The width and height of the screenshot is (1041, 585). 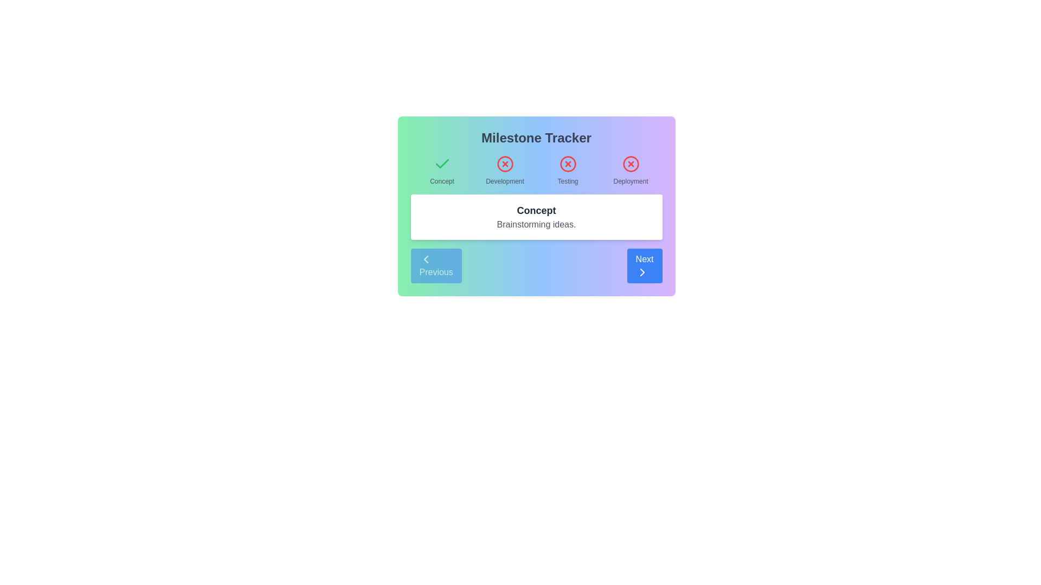 What do you see at coordinates (642, 271) in the screenshot?
I see `the chevron icon on the right side of the 'Next' button, which indicates progression in the application` at bounding box center [642, 271].